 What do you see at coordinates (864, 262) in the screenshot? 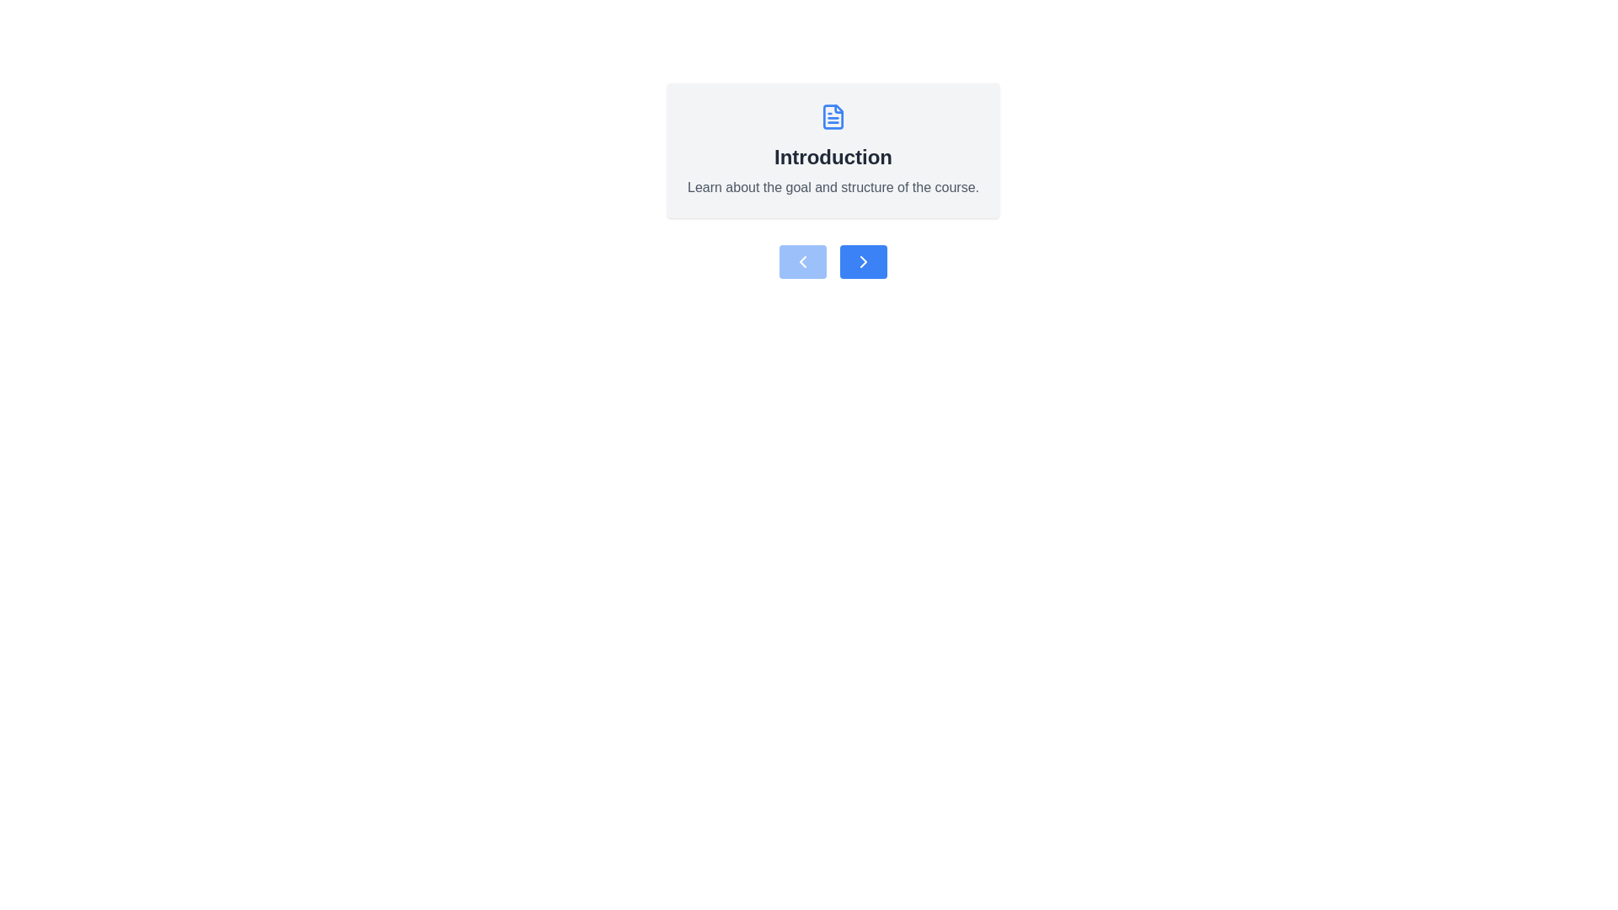
I see `the right-facing chevron icon inside the blue button with rounded corners located below the 'Introduction' section` at bounding box center [864, 262].